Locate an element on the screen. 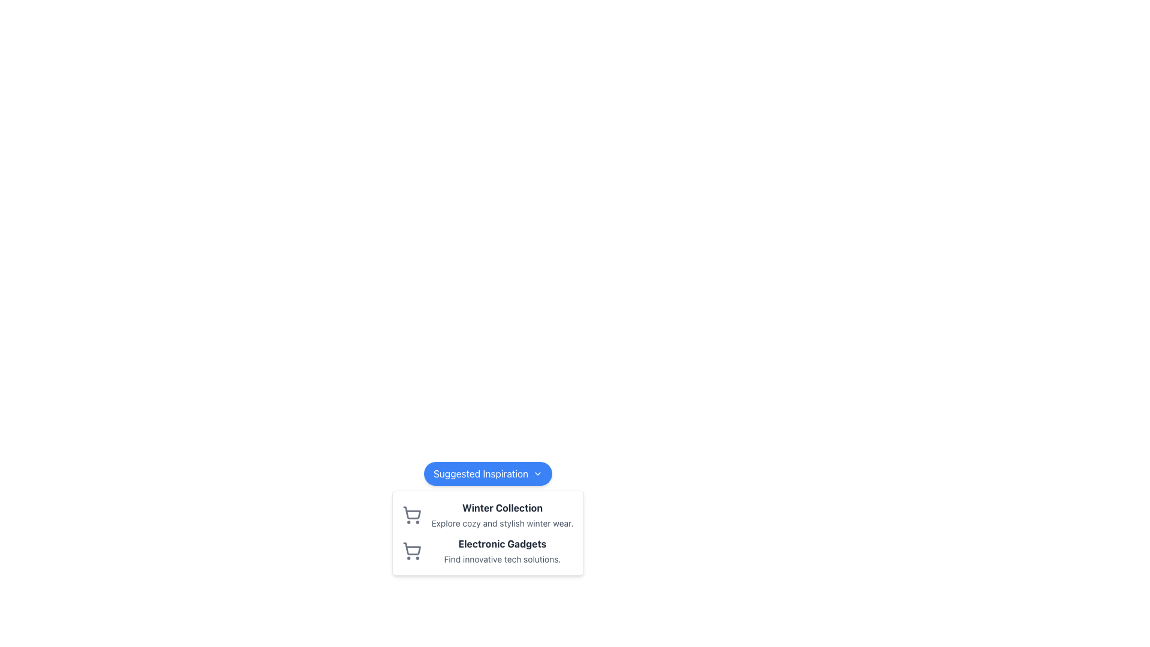  the Text Label element containing 'Electronic Gadgets' styled in bold, positioned above the description 'Find innovative tech solutions.' is located at coordinates (503, 543).